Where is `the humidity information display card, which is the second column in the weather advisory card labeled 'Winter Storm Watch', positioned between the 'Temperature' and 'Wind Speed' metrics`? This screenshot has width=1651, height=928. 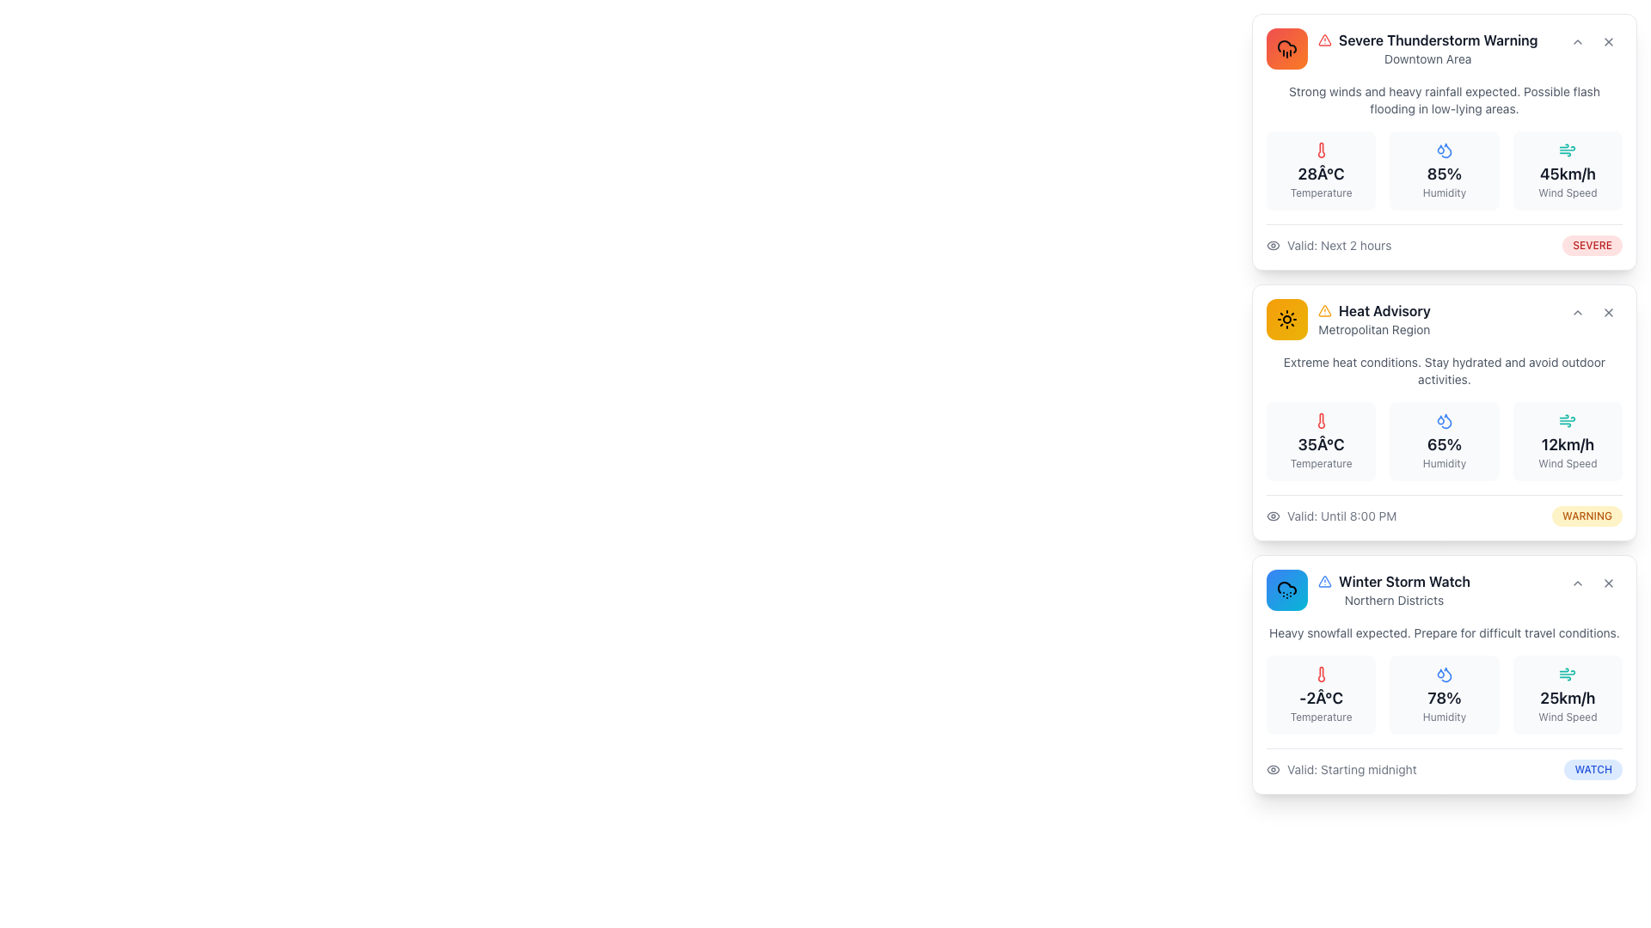 the humidity information display card, which is the second column in the weather advisory card labeled 'Winter Storm Watch', positioned between the 'Temperature' and 'Wind Speed' metrics is located at coordinates (1445, 702).